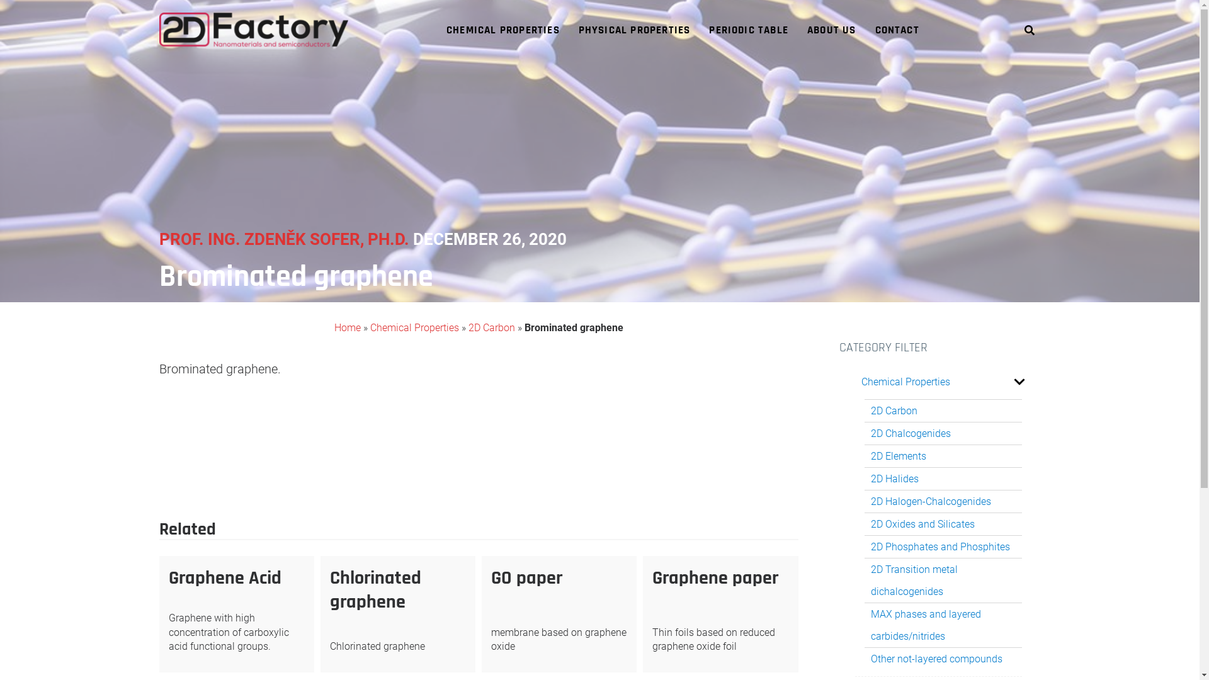  What do you see at coordinates (652, 578) in the screenshot?
I see `'Graphene paper'` at bounding box center [652, 578].